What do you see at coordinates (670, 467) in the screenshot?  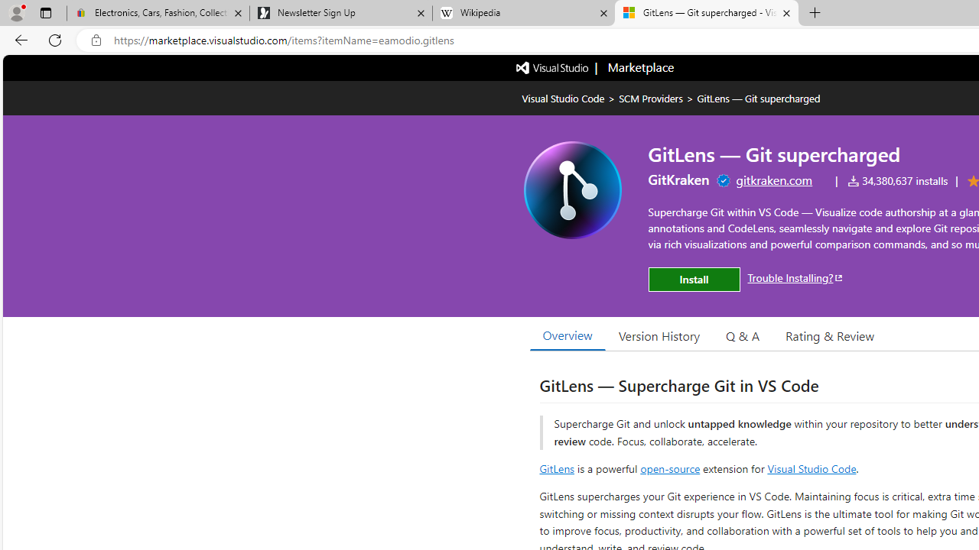 I see `'open-source'` at bounding box center [670, 467].